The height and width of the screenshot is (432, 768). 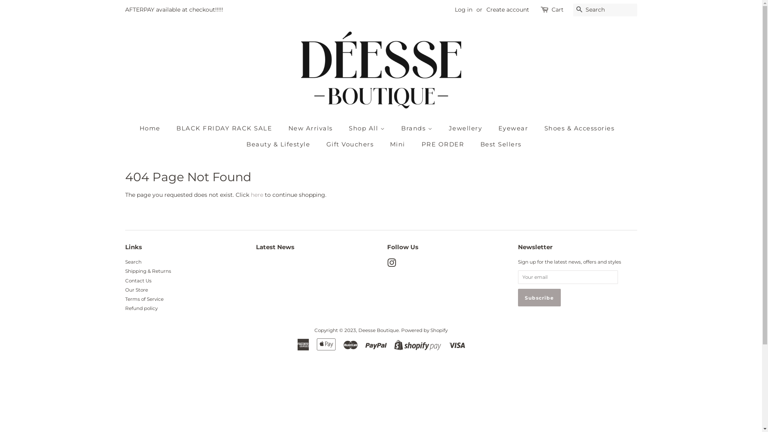 What do you see at coordinates (395, 128) in the screenshot?
I see `'Brands'` at bounding box center [395, 128].